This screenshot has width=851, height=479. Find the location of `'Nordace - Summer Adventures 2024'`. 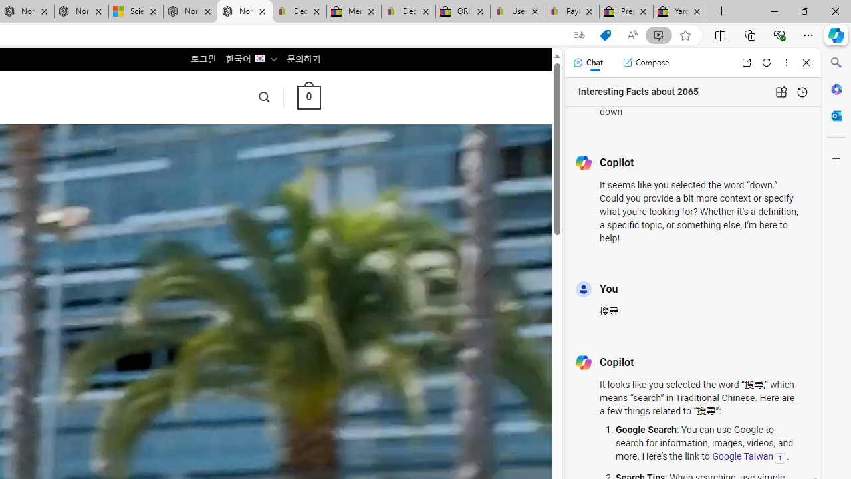

'Nordace - Summer Adventures 2024' is located at coordinates (189, 11).